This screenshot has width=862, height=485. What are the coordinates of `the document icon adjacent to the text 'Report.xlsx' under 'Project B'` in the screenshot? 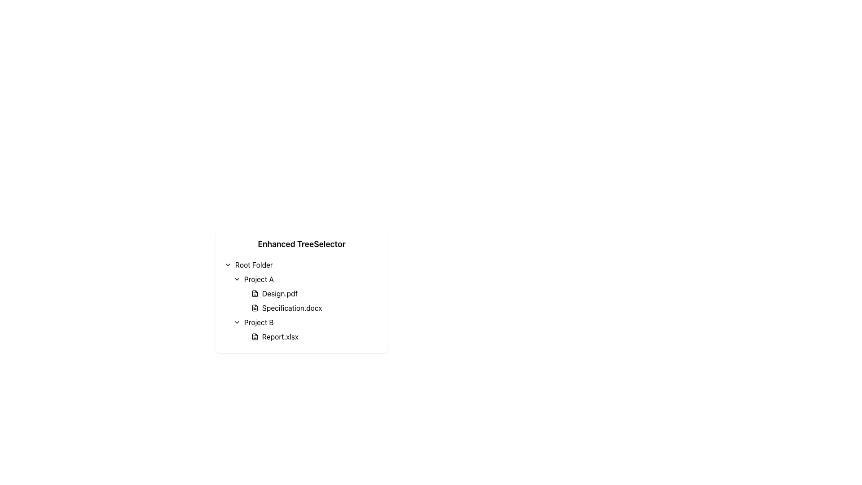 It's located at (254, 336).